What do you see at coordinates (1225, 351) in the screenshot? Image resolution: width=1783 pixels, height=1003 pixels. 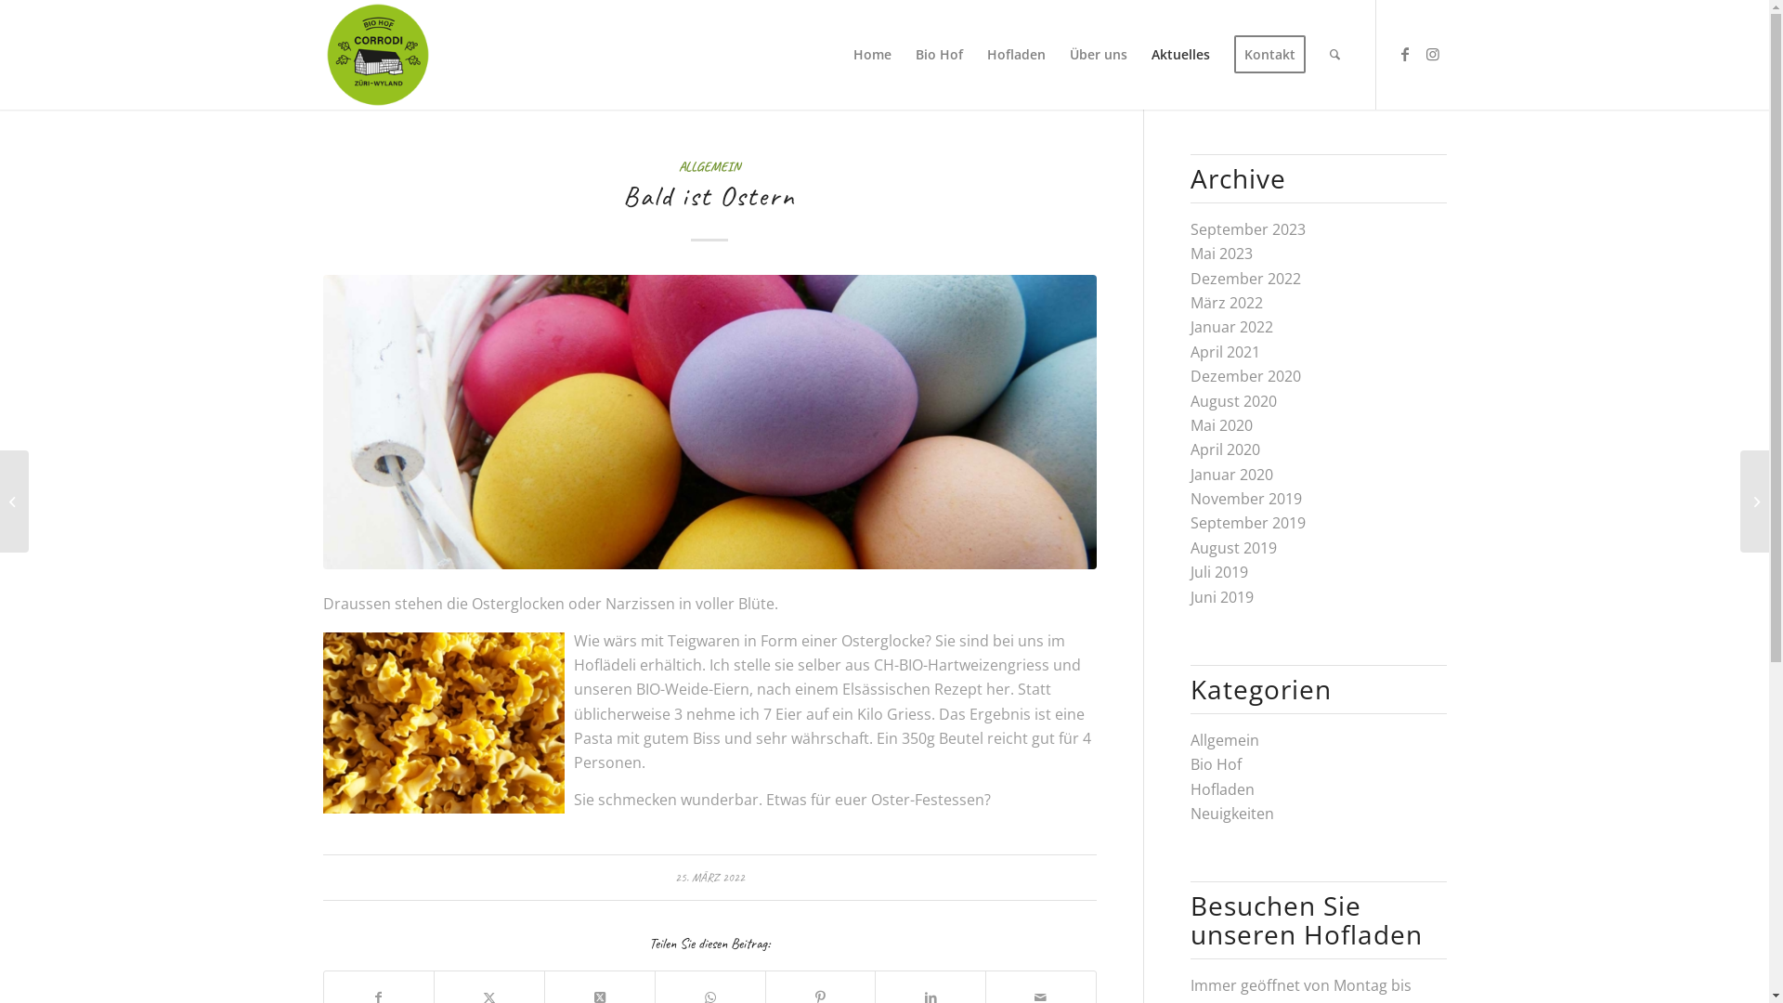 I see `'April 2021'` at bounding box center [1225, 351].